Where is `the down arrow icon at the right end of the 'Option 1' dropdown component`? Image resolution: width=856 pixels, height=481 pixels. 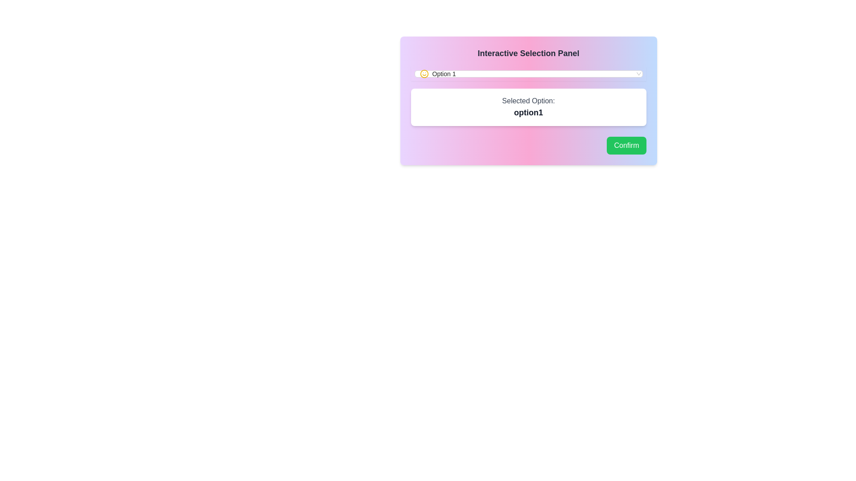 the down arrow icon at the right end of the 'Option 1' dropdown component is located at coordinates (638, 73).